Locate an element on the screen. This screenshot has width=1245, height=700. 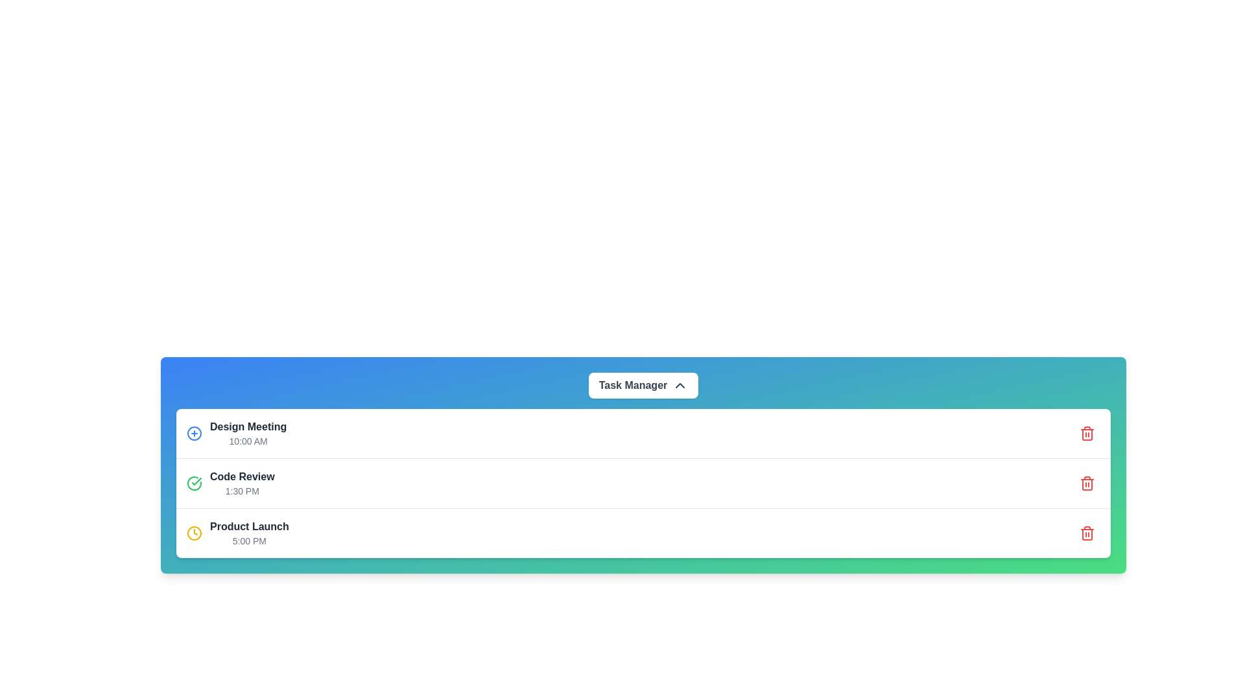
the plus icon in the first task list item representing a scheduled task or meeting, which displays its title and time is located at coordinates (237, 433).